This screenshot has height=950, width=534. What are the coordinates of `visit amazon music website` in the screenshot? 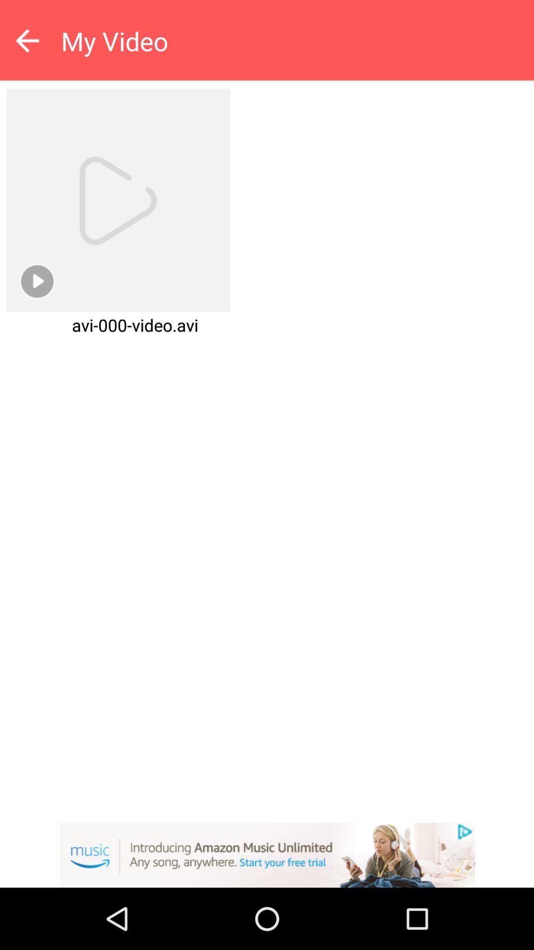 It's located at (267, 855).